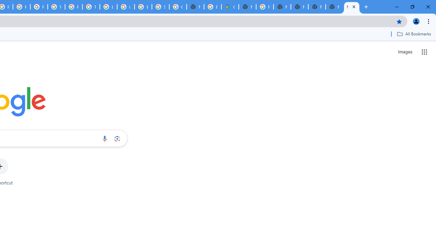 This screenshot has height=245, width=436. What do you see at coordinates (104, 138) in the screenshot?
I see `'Search by voice'` at bounding box center [104, 138].